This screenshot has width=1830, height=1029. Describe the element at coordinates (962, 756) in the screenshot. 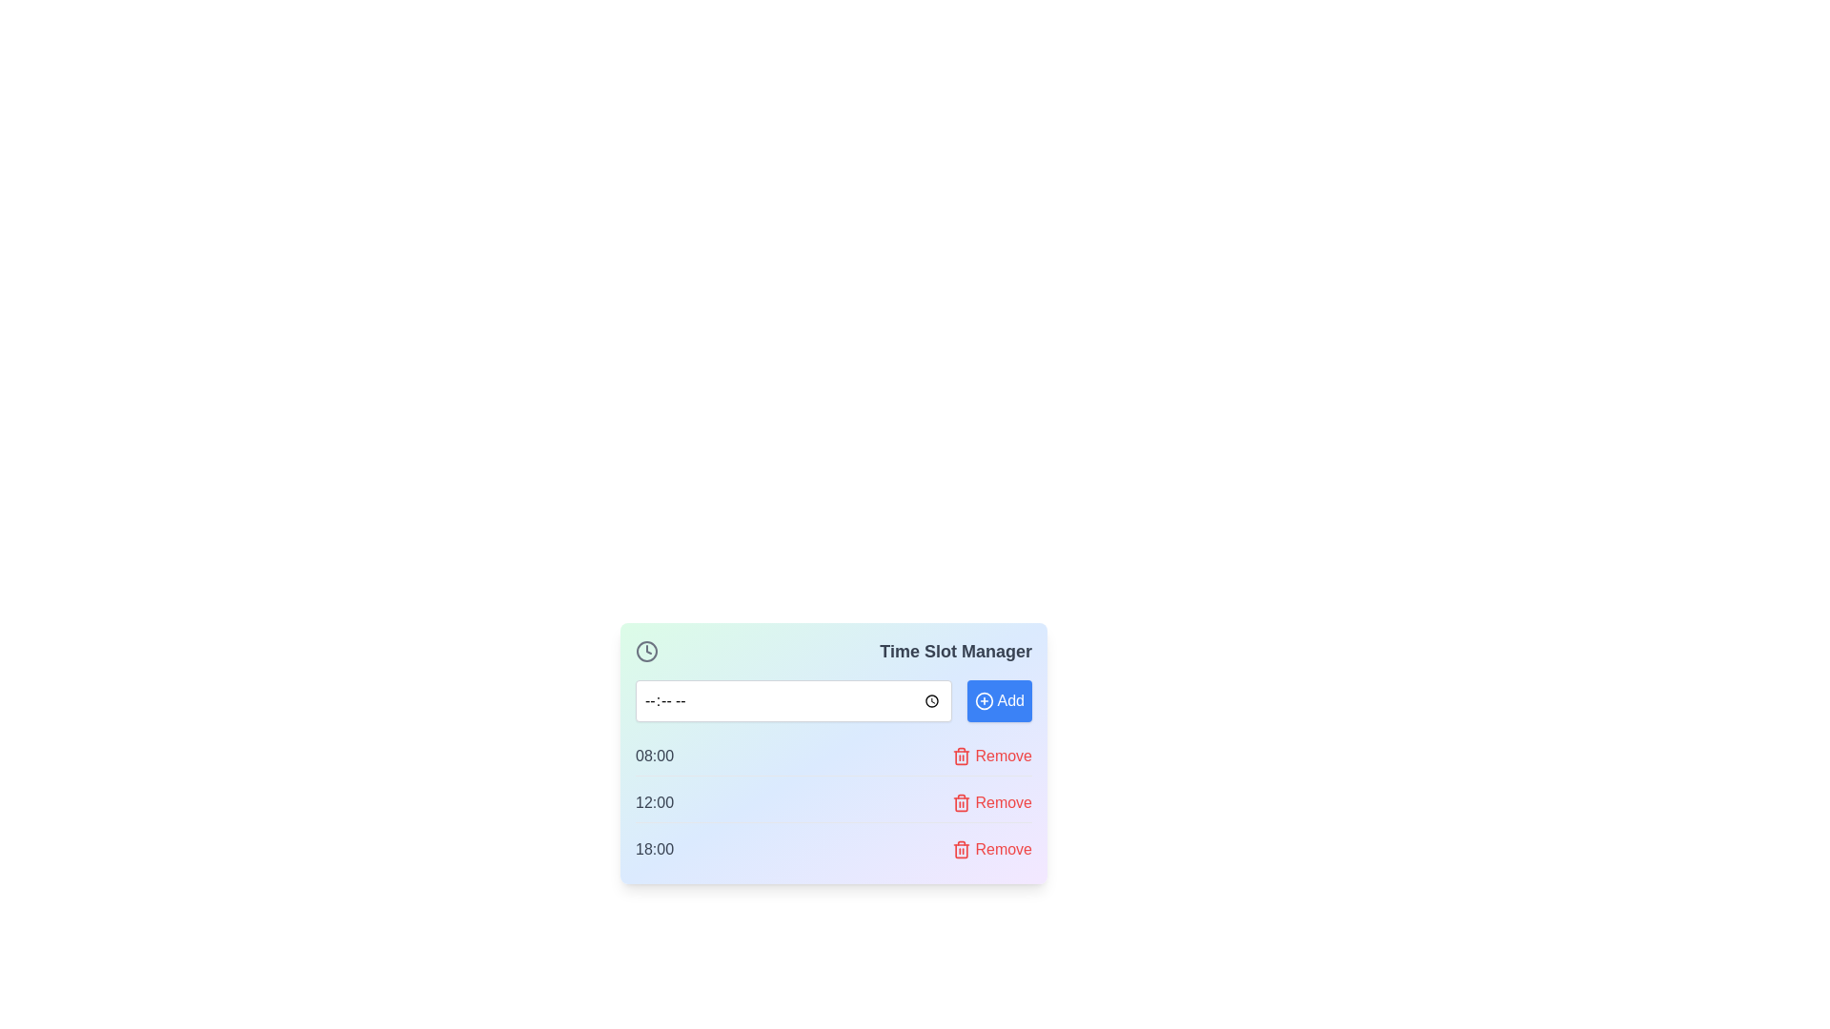

I see `the removal icon located within the 'Remove' button in the third row of the time slot list, adjacent to the '18:00' time slot to initiate the deletion of the associated time slot` at that location.